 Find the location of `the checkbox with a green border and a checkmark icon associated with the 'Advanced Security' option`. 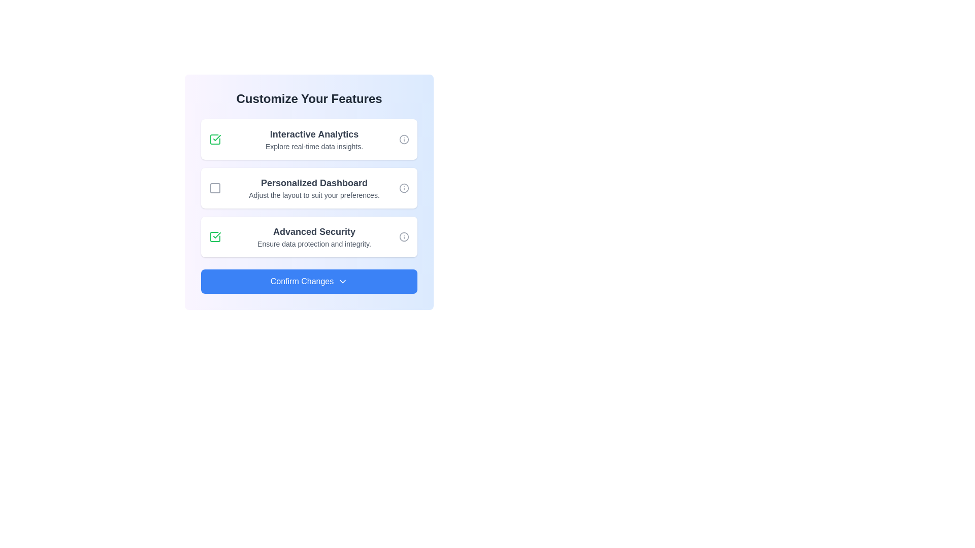

the checkbox with a green border and a checkmark icon associated with the 'Advanced Security' option is located at coordinates (214, 236).